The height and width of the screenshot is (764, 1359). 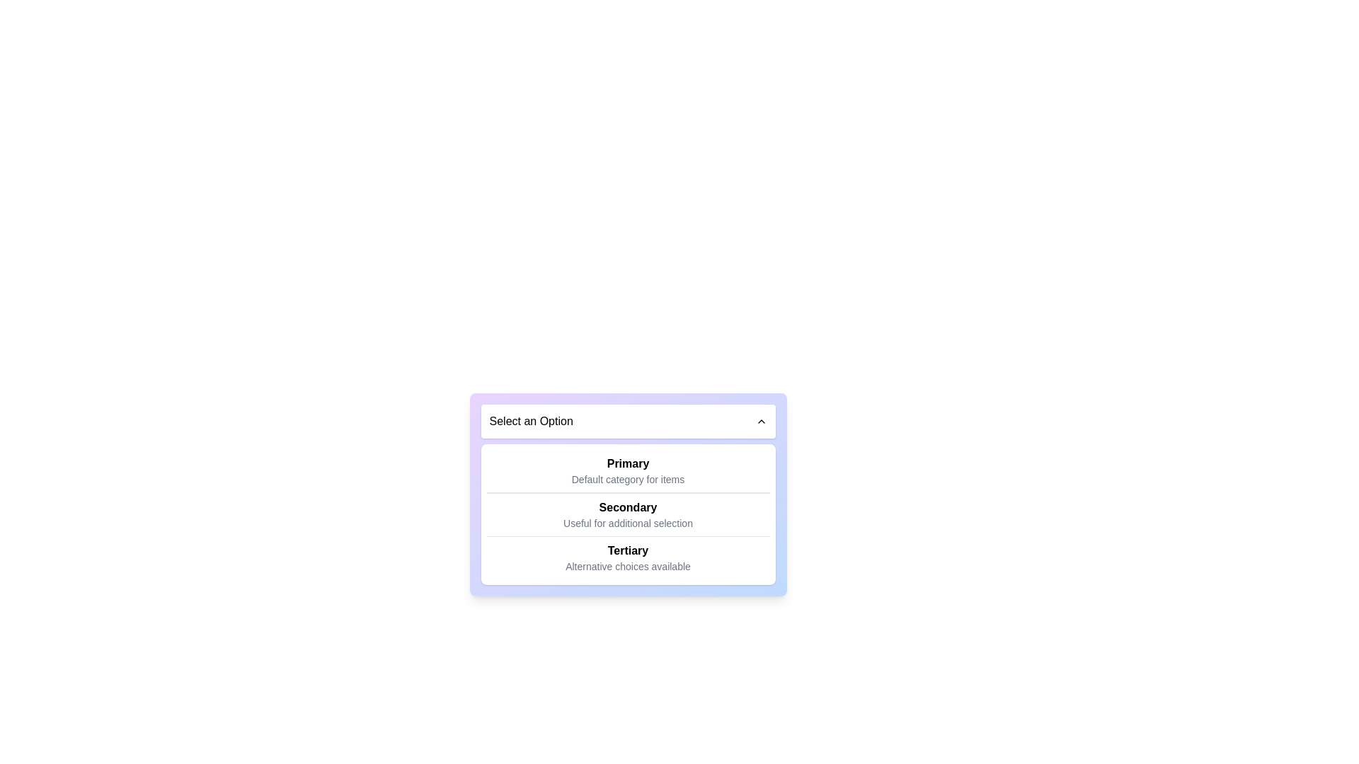 What do you see at coordinates (627, 479) in the screenshot?
I see `the static informational label that provides complementary information about the 'Primary' option, located directly under the bold text 'Primary'` at bounding box center [627, 479].